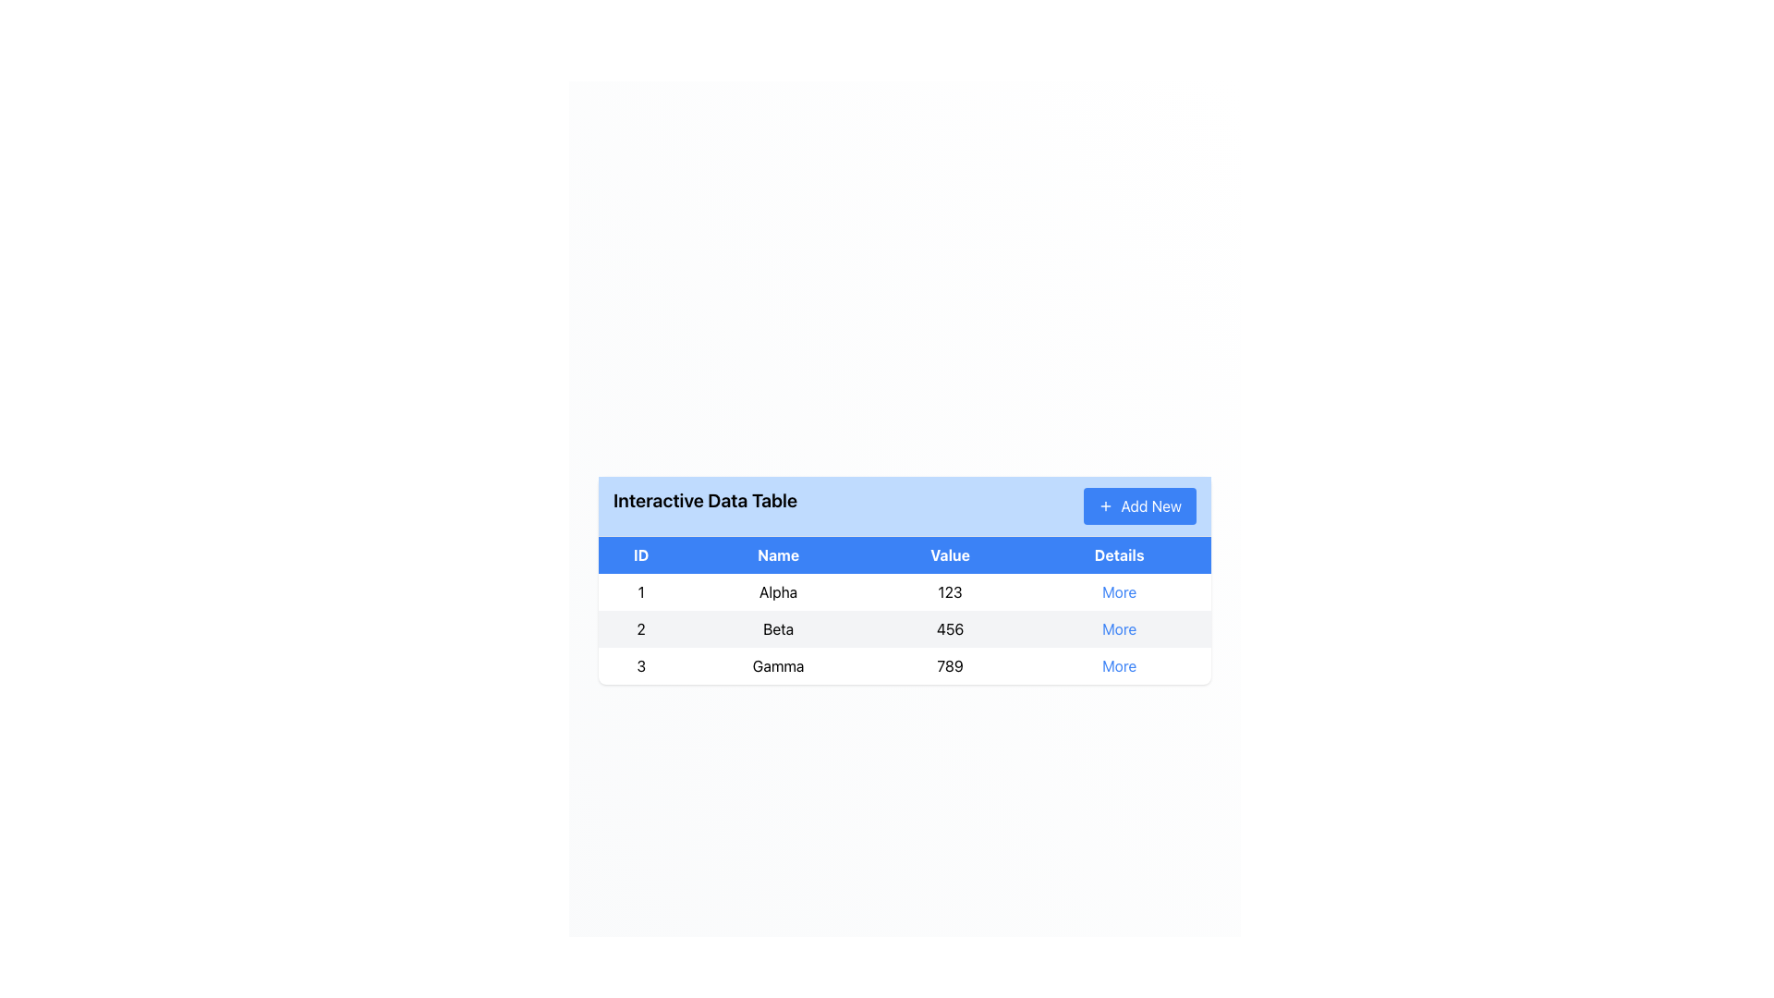 This screenshot has height=998, width=1774. Describe the element at coordinates (1106, 505) in the screenshot. I see `the SVG icon inside the 'Add New' button located at the top-right corner of the blue header of the interactive data table` at that location.